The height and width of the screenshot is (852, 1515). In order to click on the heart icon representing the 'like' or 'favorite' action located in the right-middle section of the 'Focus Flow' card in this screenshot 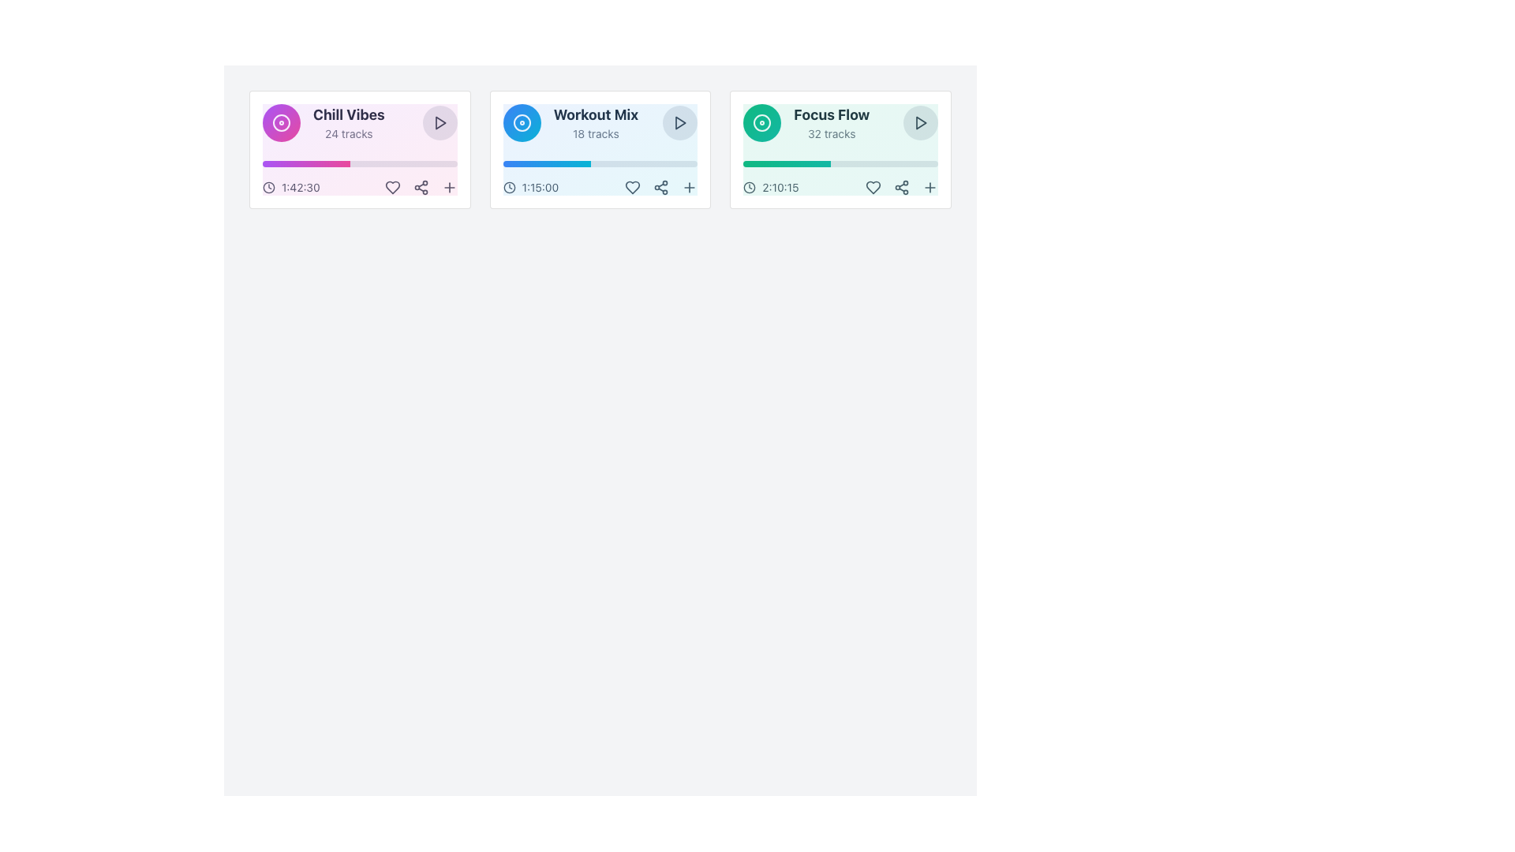, I will do `click(873, 187)`.